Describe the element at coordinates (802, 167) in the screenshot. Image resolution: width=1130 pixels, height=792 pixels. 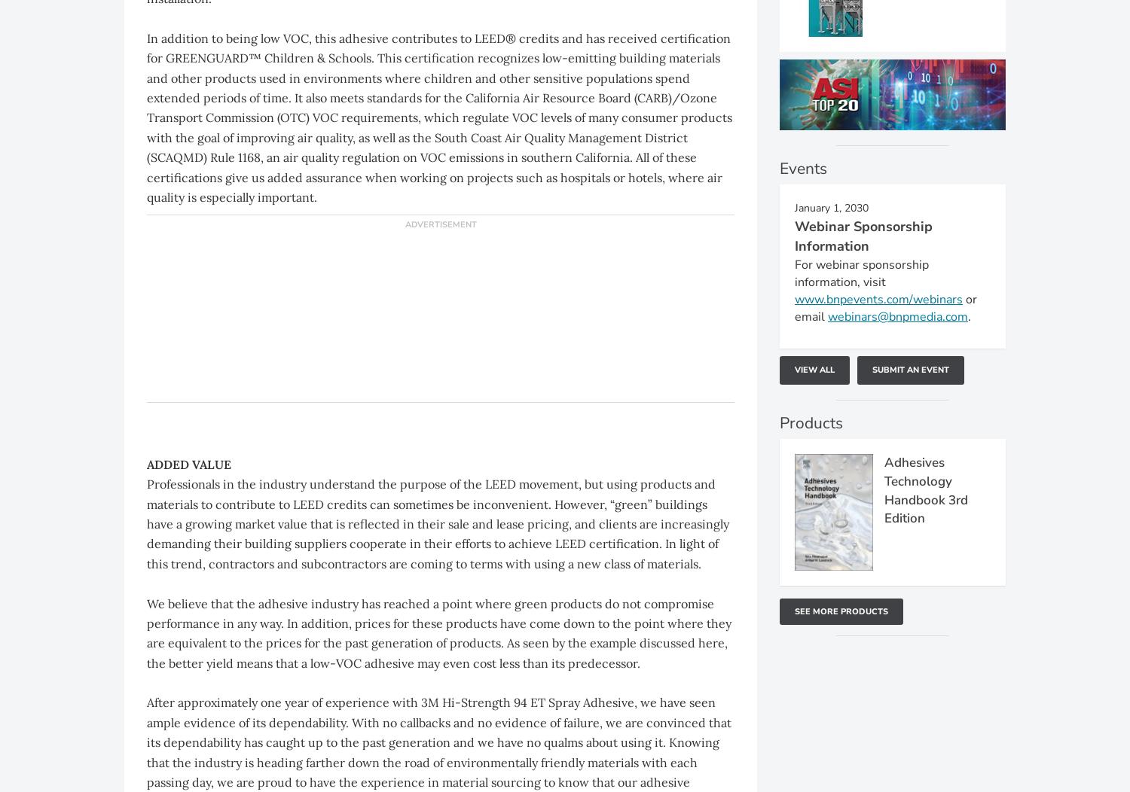
I see `'Events'` at that location.